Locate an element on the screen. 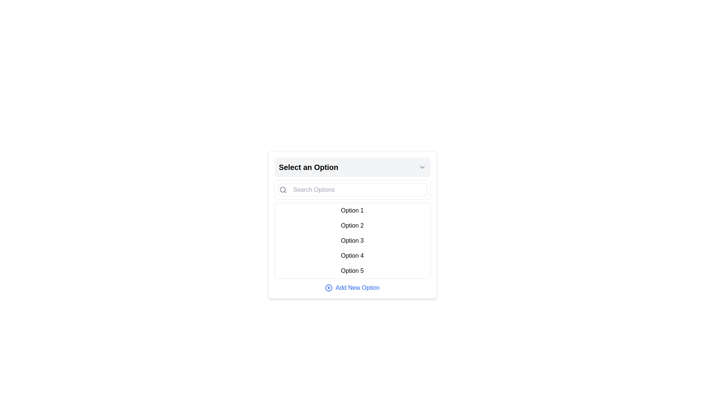 This screenshot has width=724, height=407. the gray magnifying glass icon located on the left side of the search input field adjacent to the text input area is located at coordinates (282, 190).